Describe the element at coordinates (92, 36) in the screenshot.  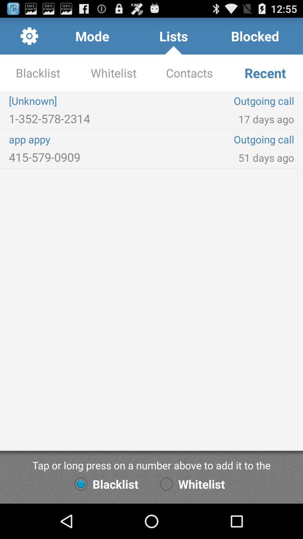
I see `app next to lists item` at that location.